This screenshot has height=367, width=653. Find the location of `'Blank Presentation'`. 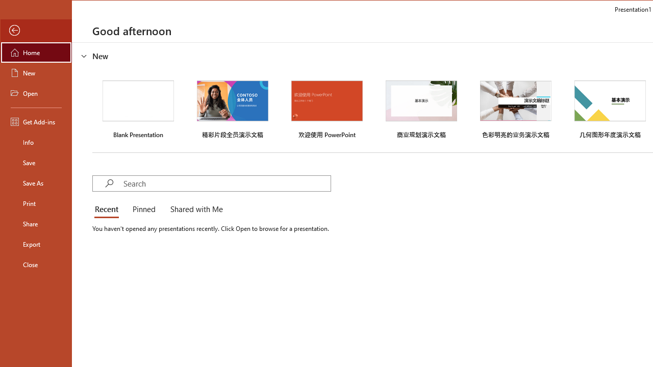

'Blank Presentation' is located at coordinates (137, 108).